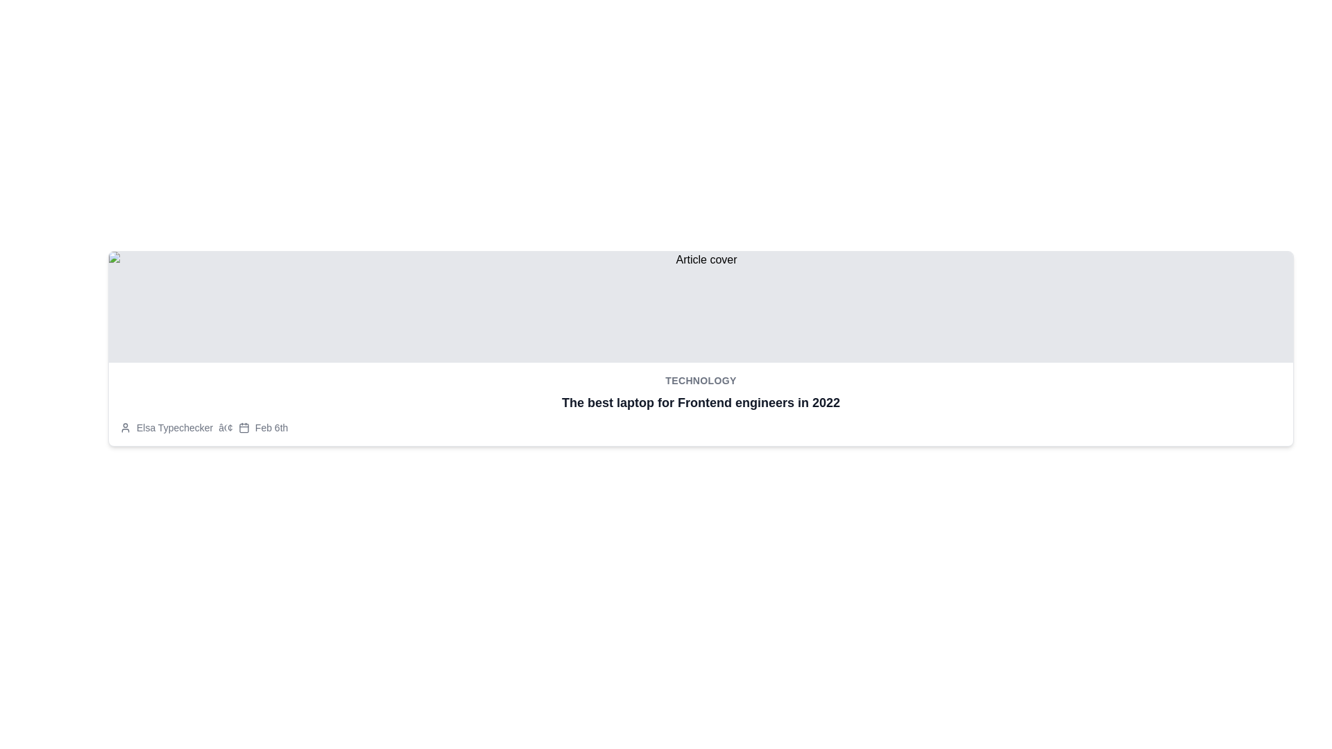  What do you see at coordinates (701, 403) in the screenshot?
I see `the title text block located centrally beneath the 'Technology' heading, just above the metadata information` at bounding box center [701, 403].